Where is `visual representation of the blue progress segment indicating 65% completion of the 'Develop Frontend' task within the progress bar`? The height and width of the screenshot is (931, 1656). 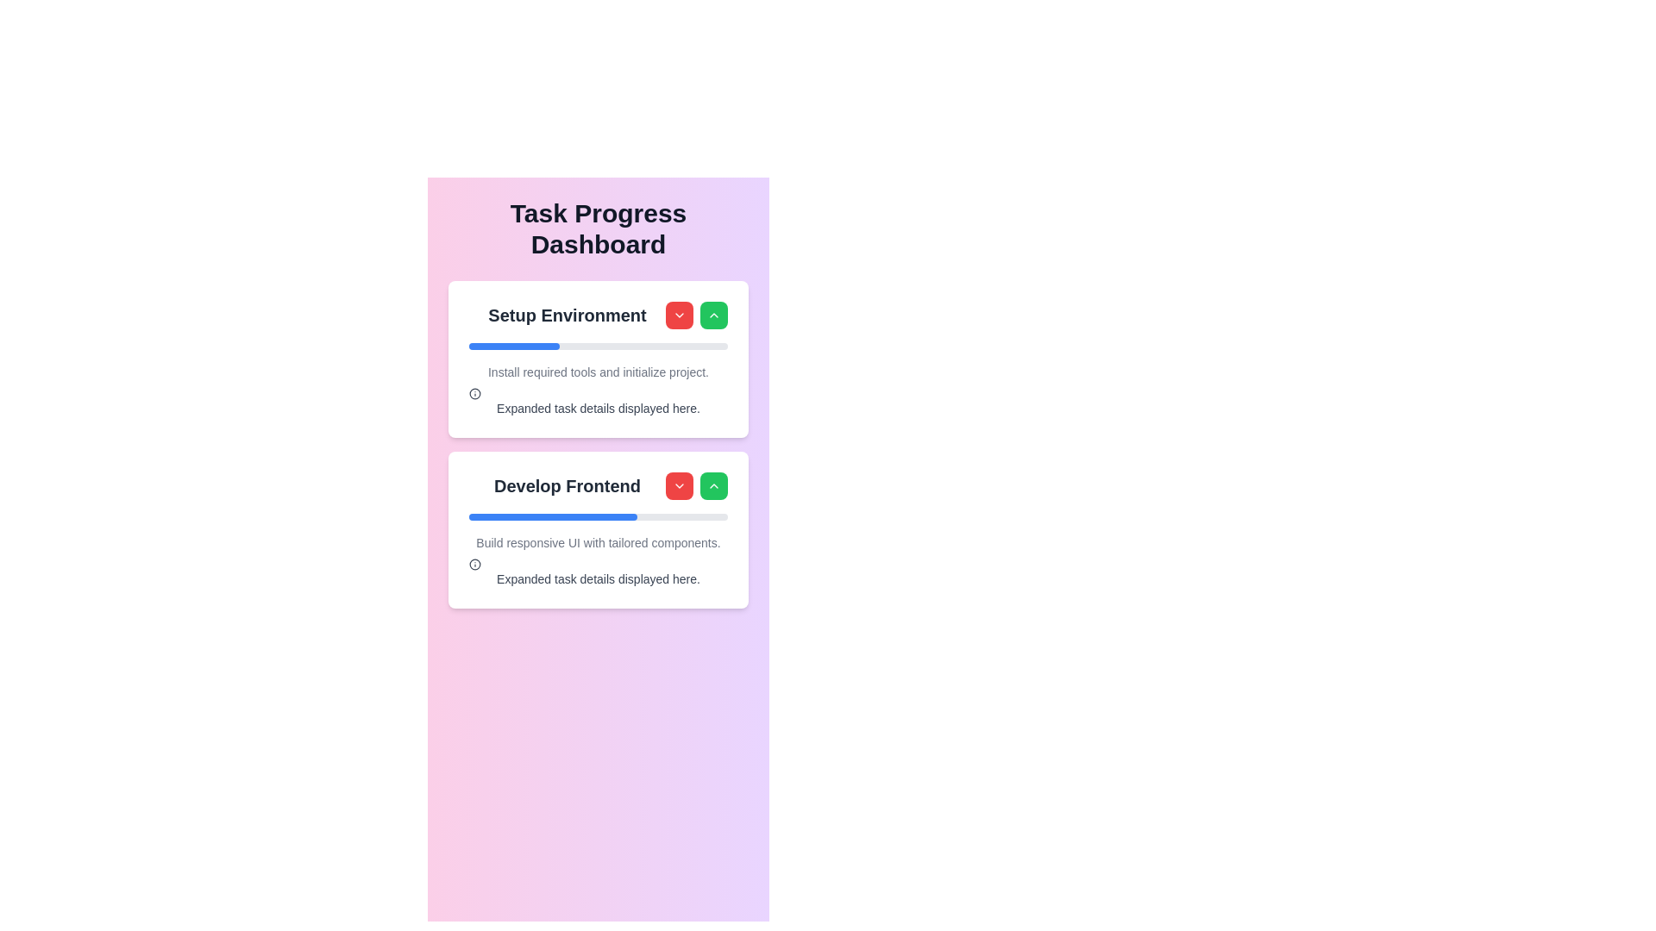 visual representation of the blue progress segment indicating 65% completion of the 'Develop Frontend' task within the progress bar is located at coordinates (553, 516).